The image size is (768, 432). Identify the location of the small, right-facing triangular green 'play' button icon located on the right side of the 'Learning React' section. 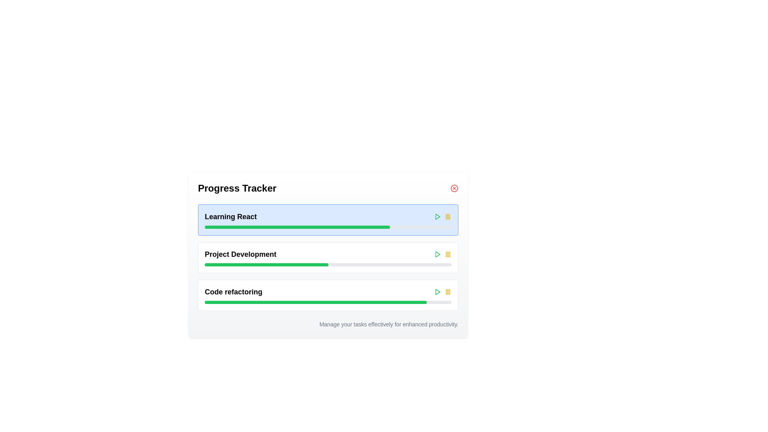
(437, 254).